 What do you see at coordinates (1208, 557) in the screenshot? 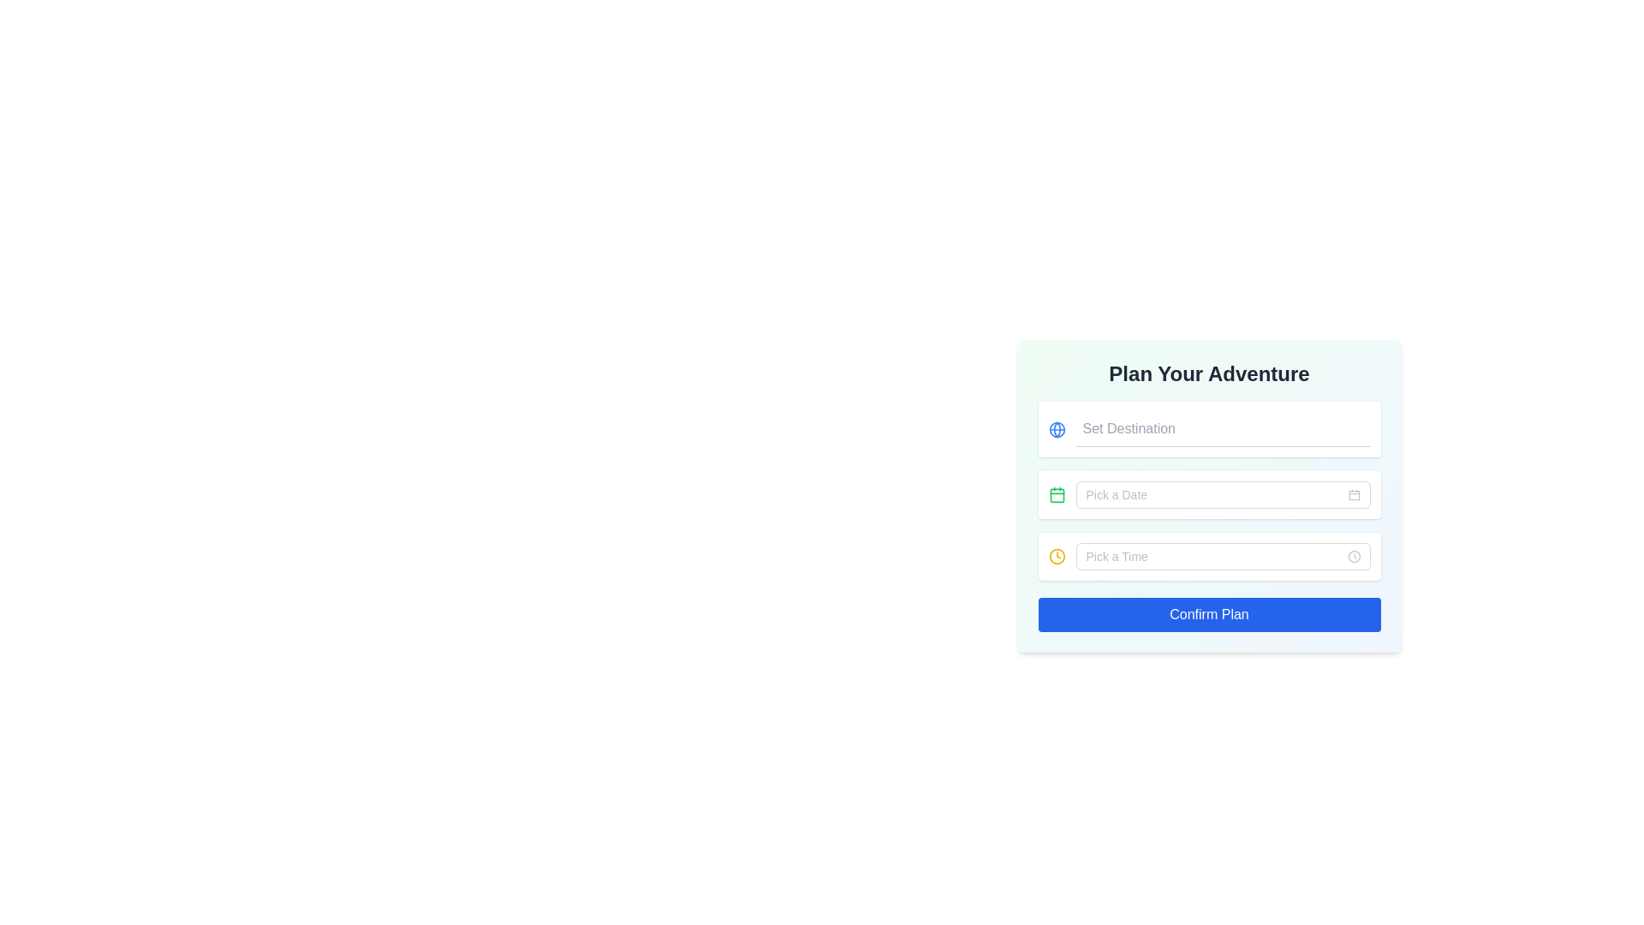
I see `a specific time within the Time Picker Input Field, which is a horizontally oriented rectangular component with a white background, rounded corners, and a shadow effect, located below the 'Pick a Date' component and above the 'Confirm Plan' button` at bounding box center [1208, 557].